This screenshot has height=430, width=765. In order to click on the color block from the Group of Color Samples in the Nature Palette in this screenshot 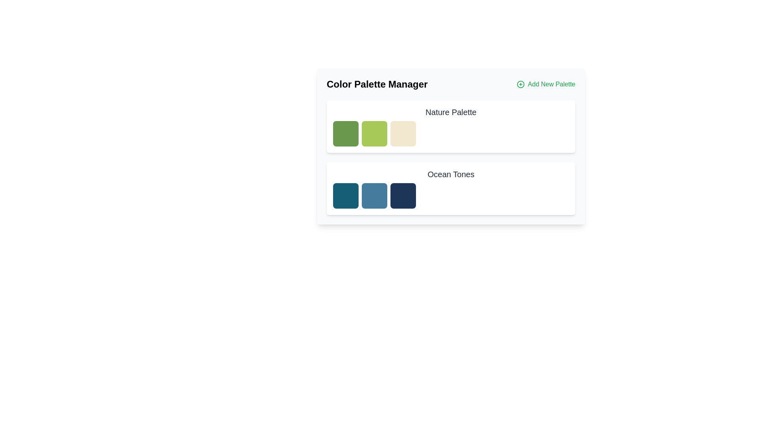, I will do `click(451, 133)`.